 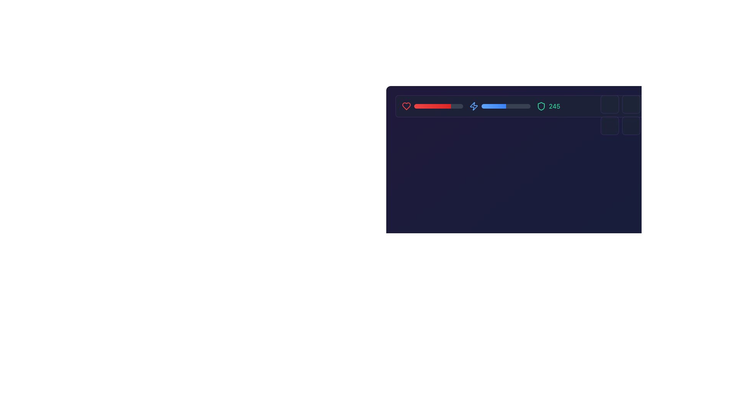 What do you see at coordinates (539, 106) in the screenshot?
I see `number displayed in the text element showing '245', which is styled in bold with a green hue and located adjacent to a green shield icon` at bounding box center [539, 106].